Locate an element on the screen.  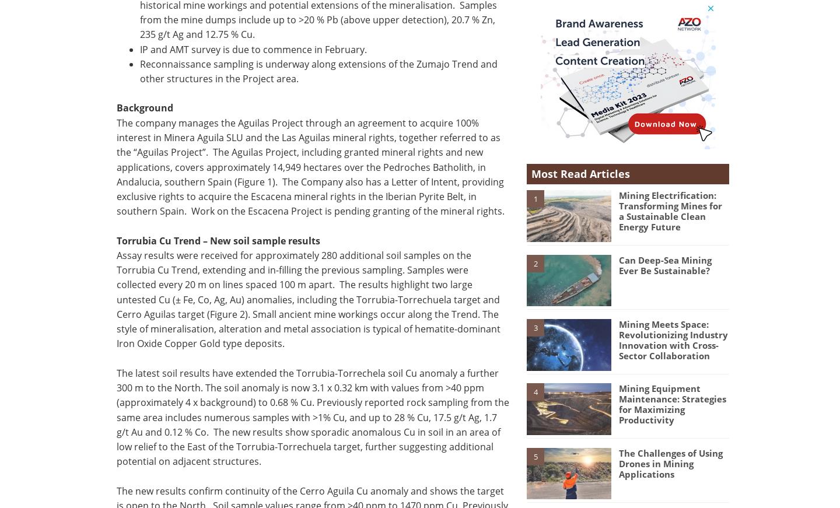
'Most Read Articles' is located at coordinates (580, 173).